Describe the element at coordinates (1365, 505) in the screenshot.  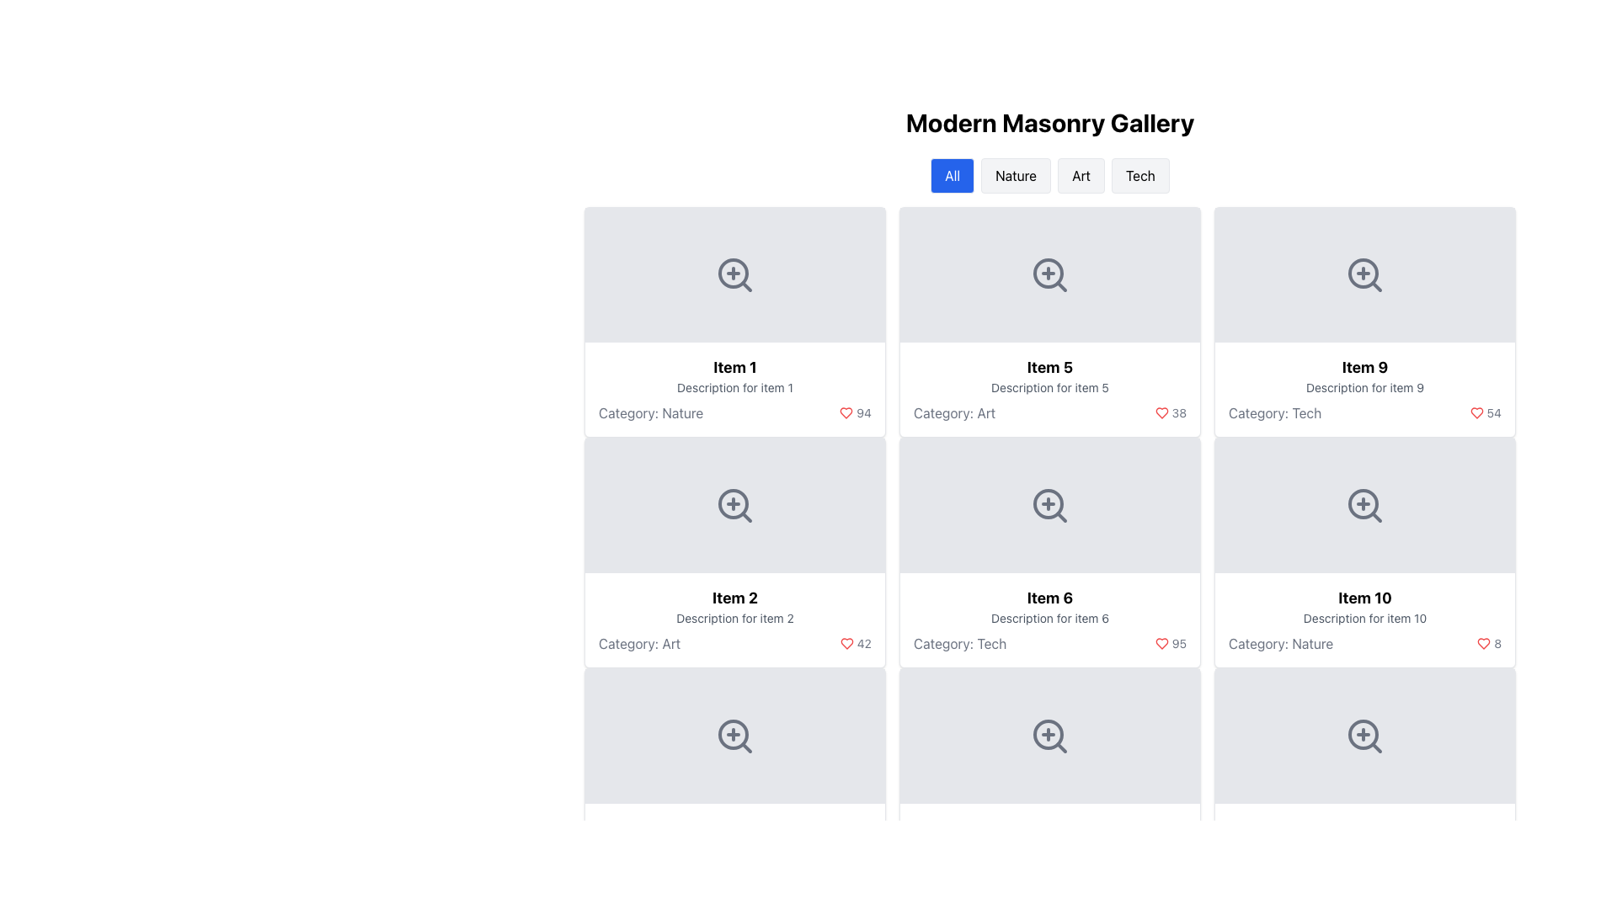
I see `the magnifying glass icon with a plus symbol in its center, located at the bottom-right corner of the card for 'Item 10'` at that location.